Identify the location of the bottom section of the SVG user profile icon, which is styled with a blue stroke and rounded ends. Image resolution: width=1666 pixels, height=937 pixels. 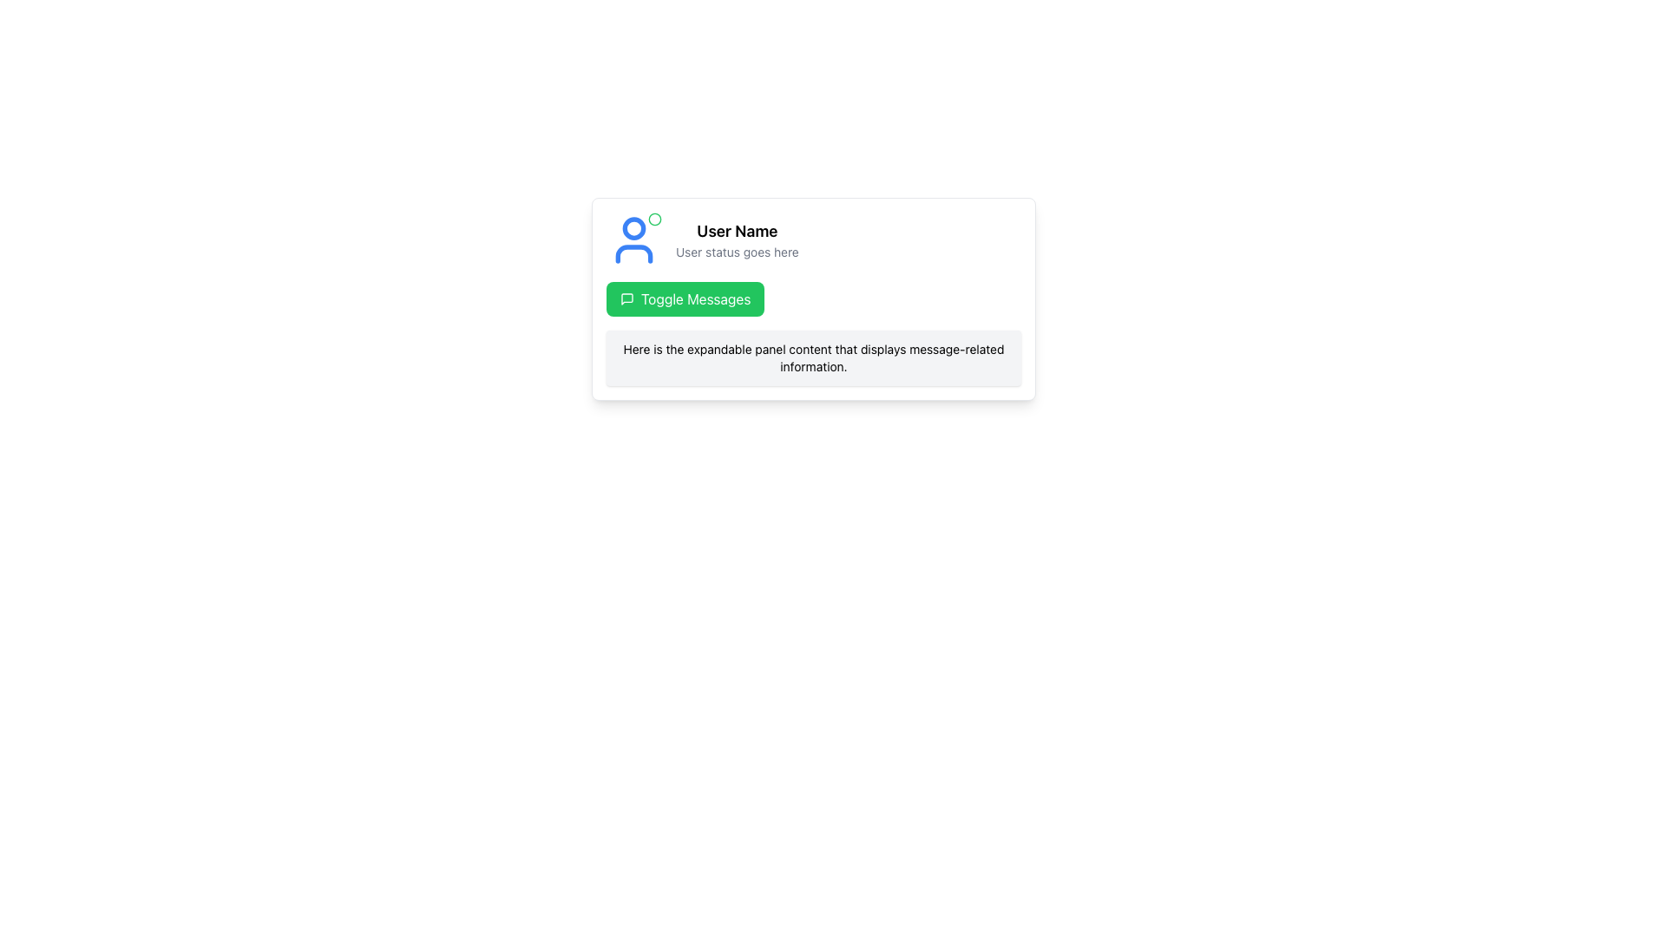
(633, 254).